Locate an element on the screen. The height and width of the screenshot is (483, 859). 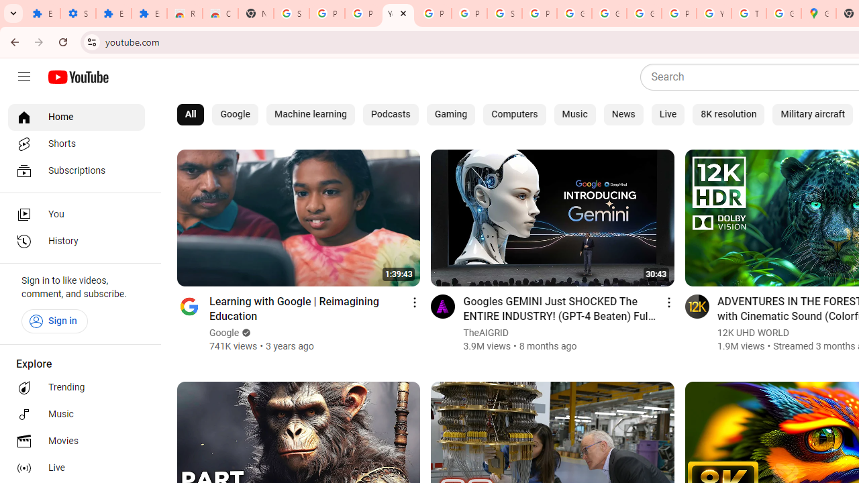
'Military aircraft' is located at coordinates (812, 114).